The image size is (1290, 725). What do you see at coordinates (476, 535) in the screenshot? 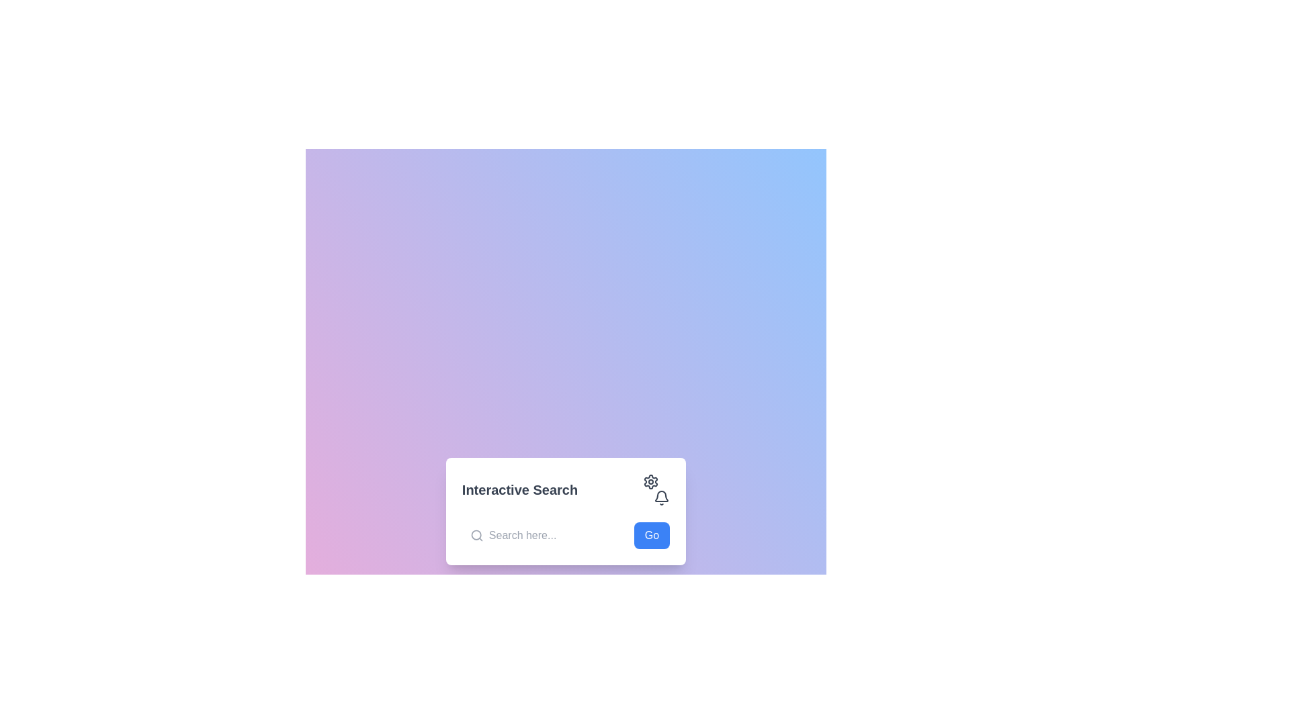
I see `the search icon, which is styled as a minimalist outline magnifying glass located to the left of a text input field in the search bar` at bounding box center [476, 535].